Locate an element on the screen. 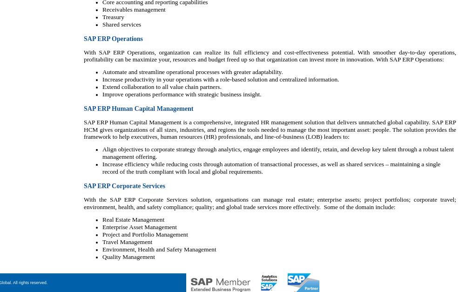 This screenshot has width=466, height=292. 'Travel Management' is located at coordinates (127, 241).